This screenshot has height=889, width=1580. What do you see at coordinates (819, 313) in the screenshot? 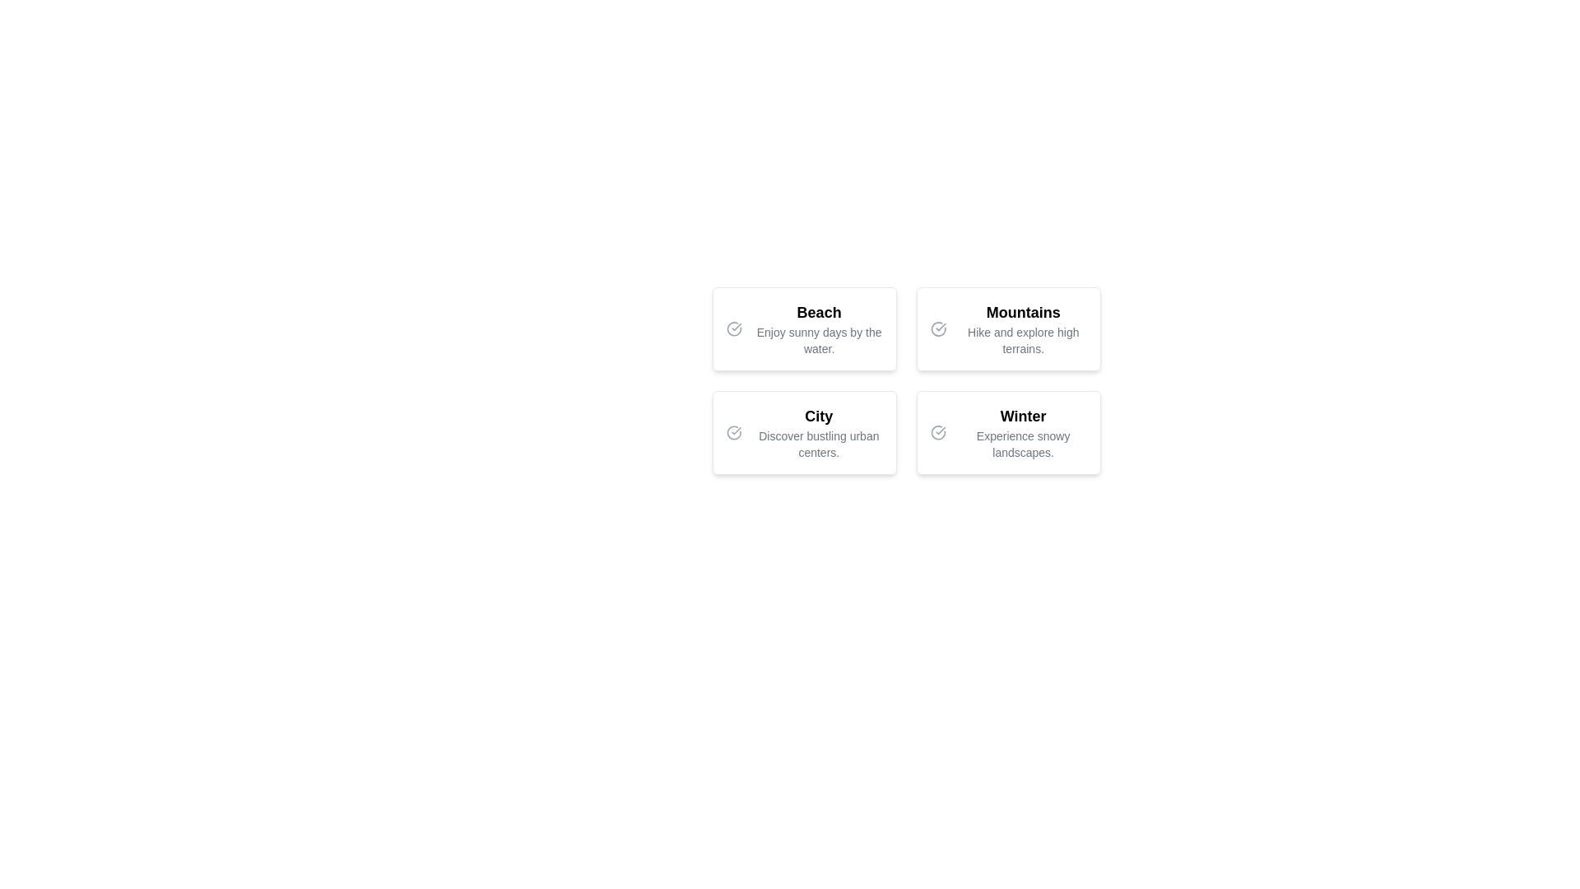
I see `text of the heading titled 'Beach', which is prominently displayed in a large and bold font within its card layout` at bounding box center [819, 313].